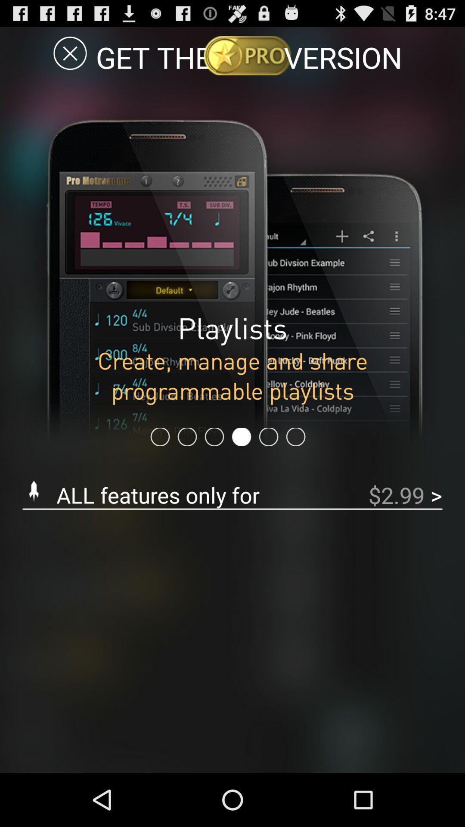  What do you see at coordinates (70, 53) in the screenshot?
I see `the icon next to get the app` at bounding box center [70, 53].